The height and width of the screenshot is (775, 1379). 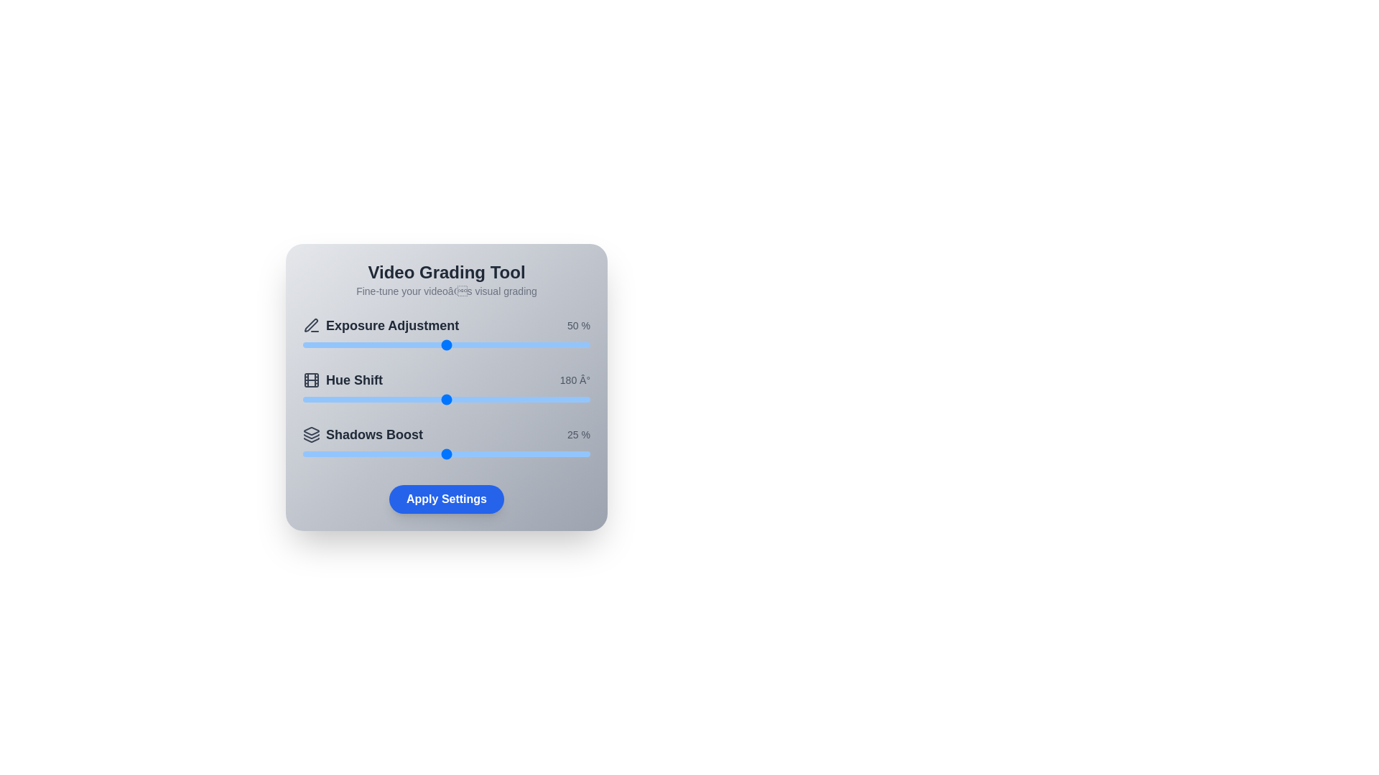 What do you see at coordinates (537, 399) in the screenshot?
I see `the hue shift` at bounding box center [537, 399].